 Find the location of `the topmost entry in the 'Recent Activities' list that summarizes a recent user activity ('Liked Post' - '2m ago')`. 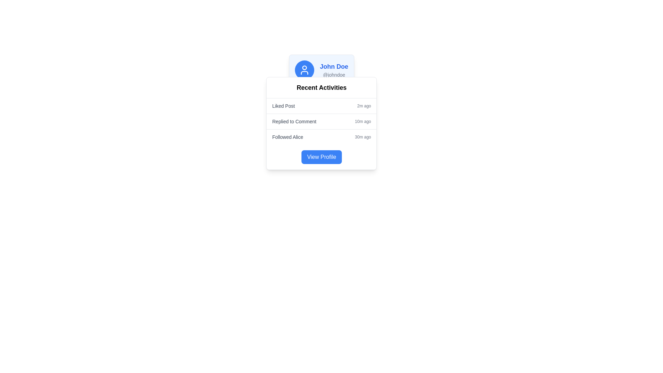

the topmost entry in the 'Recent Activities' list that summarizes a recent user activity ('Liked Post' - '2m ago') is located at coordinates (321, 106).